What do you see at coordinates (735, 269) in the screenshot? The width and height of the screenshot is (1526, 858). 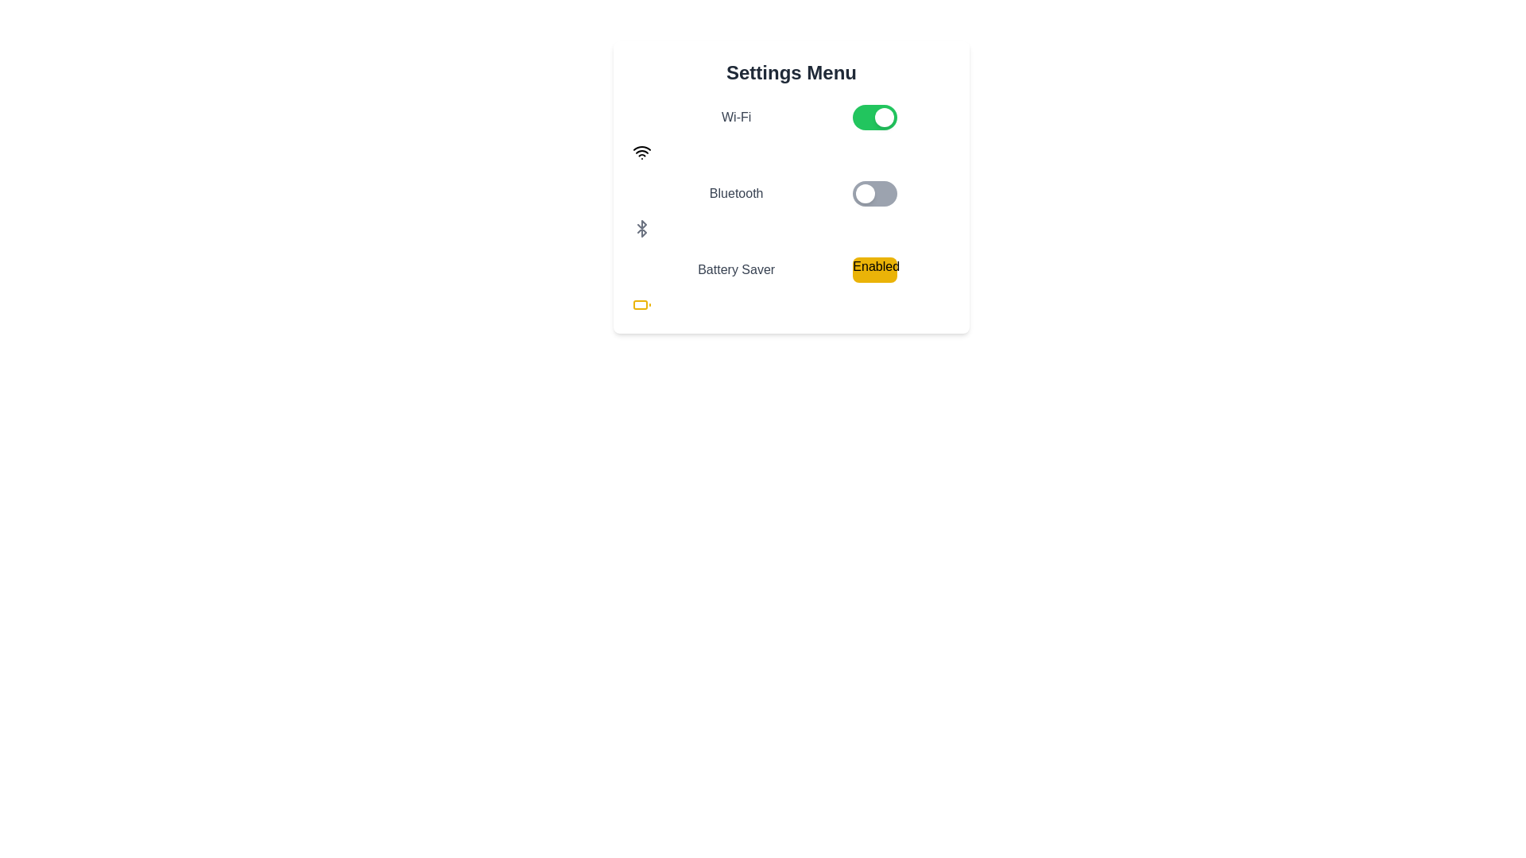 I see `the 'Battery Saver' label in the Settings Menu, which is located in the third row below the 'Wi-Fi' and 'Bluetooth' sections, with a yellow badge reading 'Enabled' to its right` at bounding box center [735, 269].